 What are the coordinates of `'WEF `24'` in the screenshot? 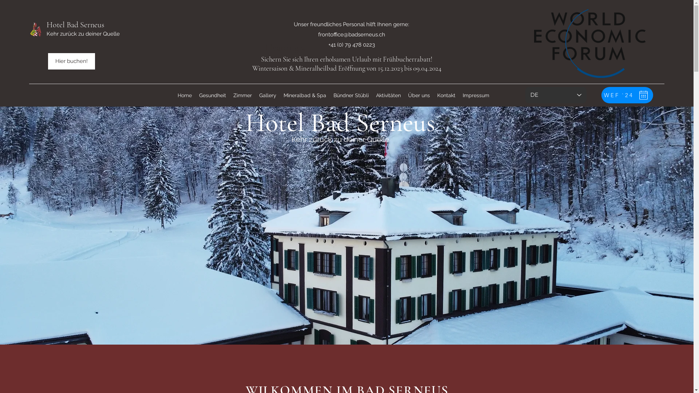 It's located at (627, 95).